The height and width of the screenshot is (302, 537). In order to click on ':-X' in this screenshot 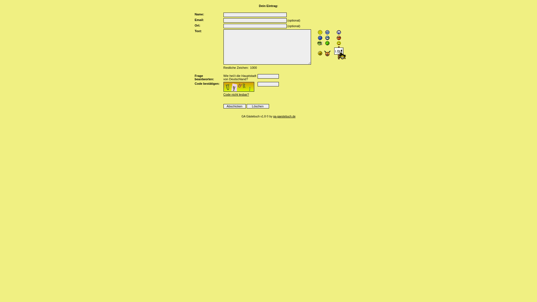, I will do `click(320, 53)`.